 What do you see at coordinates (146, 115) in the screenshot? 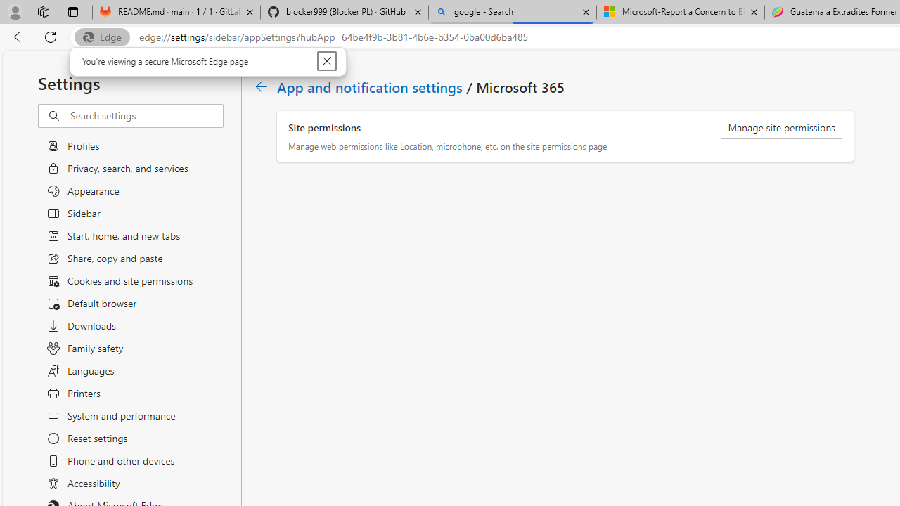
I see `'Search settings'` at bounding box center [146, 115].